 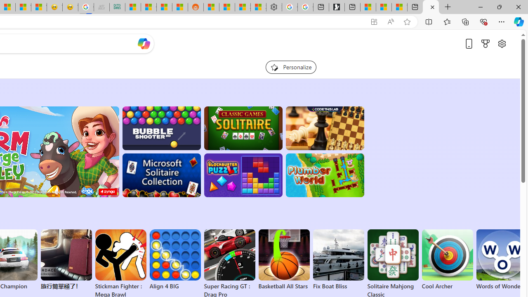 I want to click on 'Personalize your feed"', so click(x=291, y=67).